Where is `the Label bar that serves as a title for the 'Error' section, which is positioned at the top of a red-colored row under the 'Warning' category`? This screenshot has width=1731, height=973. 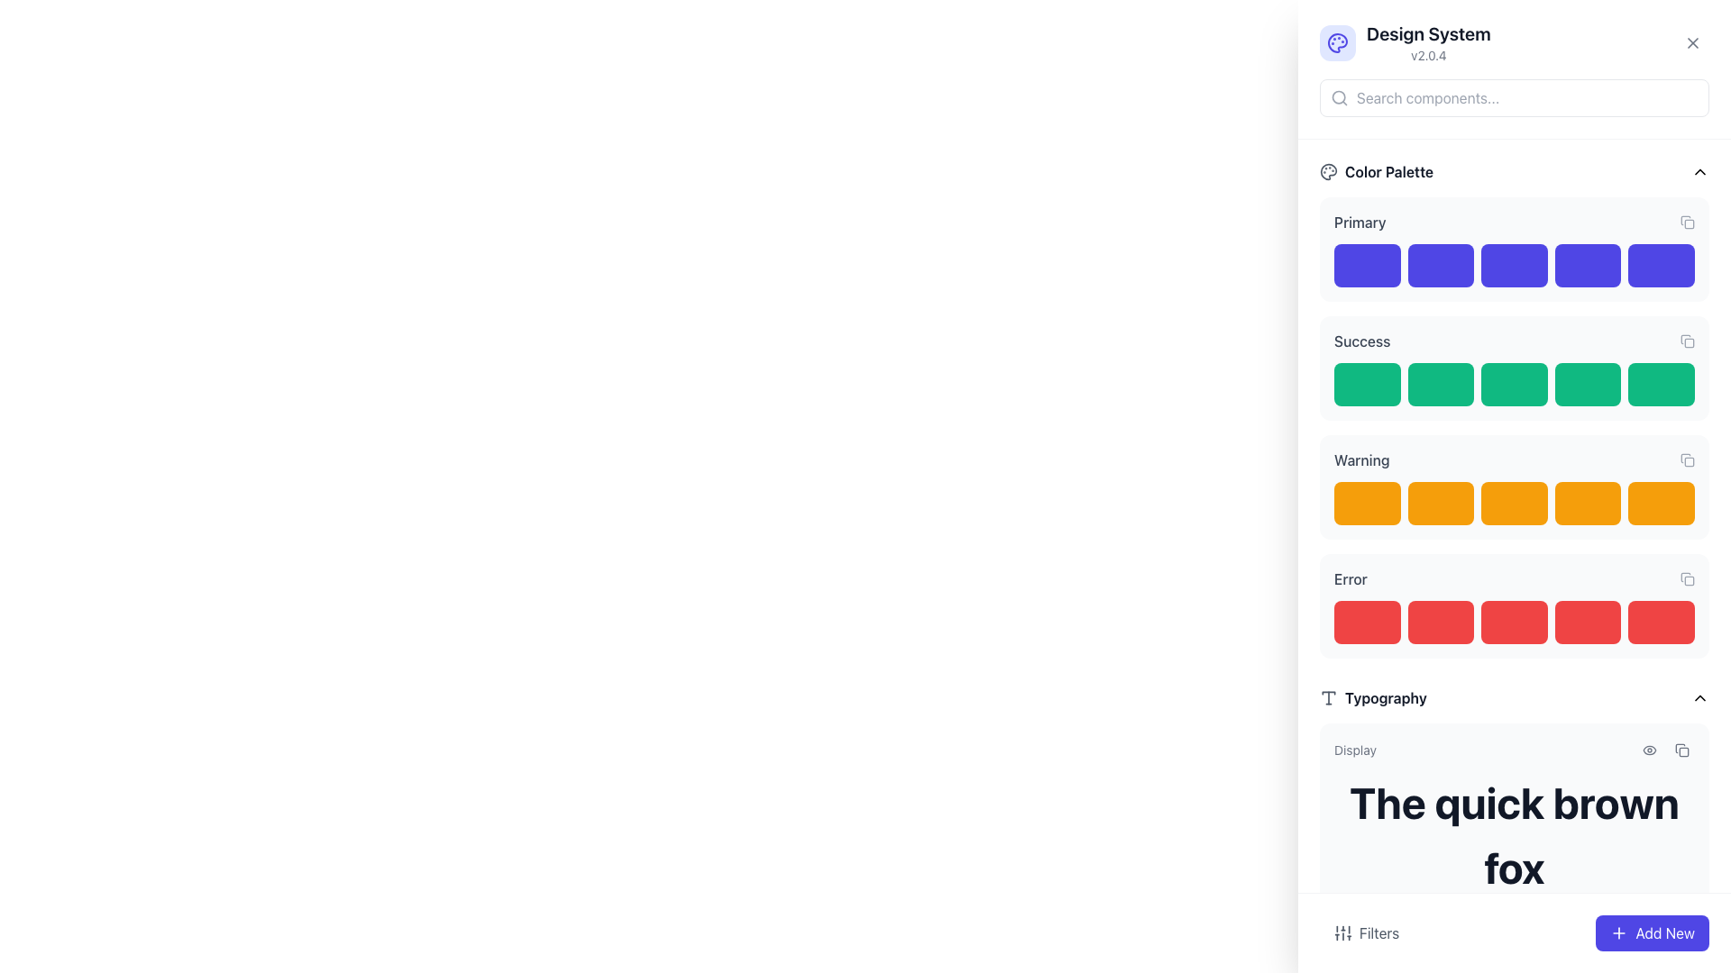 the Label bar that serves as a title for the 'Error' section, which is positioned at the top of a red-colored row under the 'Warning' category is located at coordinates (1515, 579).